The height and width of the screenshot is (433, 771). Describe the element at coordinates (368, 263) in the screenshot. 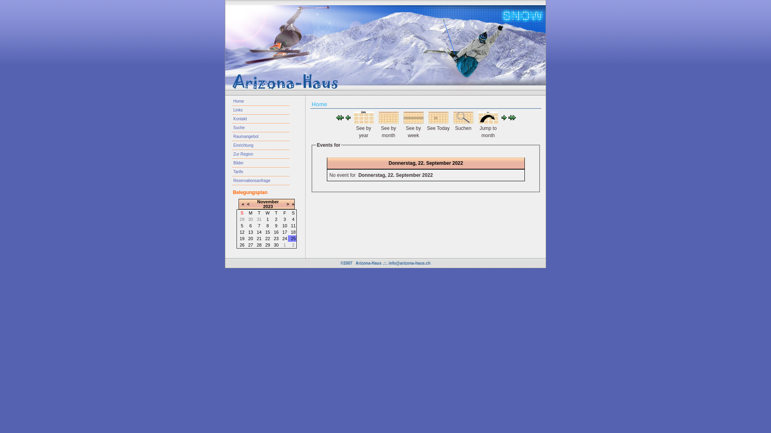

I see `'Arizona-Haus'` at that location.